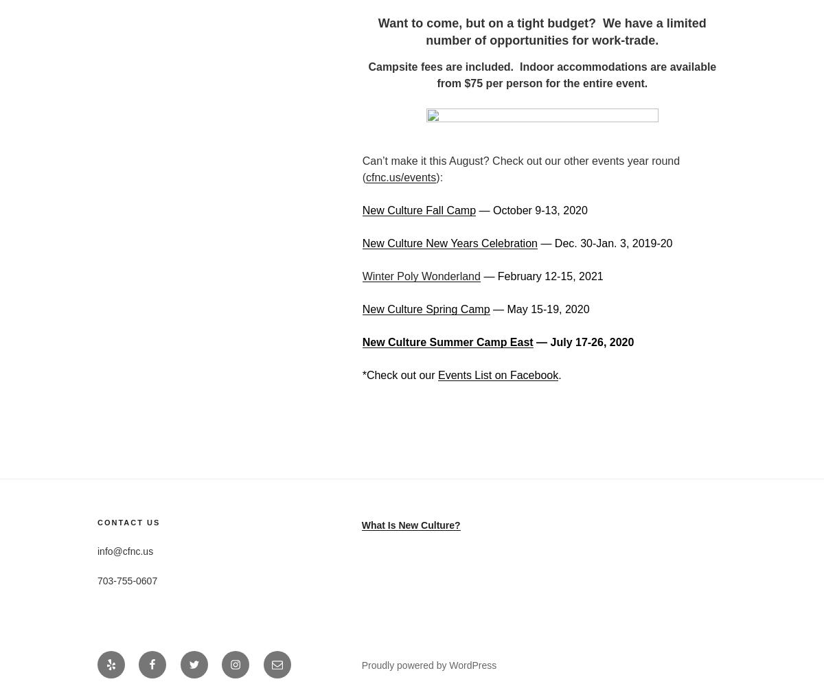 This screenshot has height=697, width=824. I want to click on 'New Culture Fall Camp', so click(418, 209).